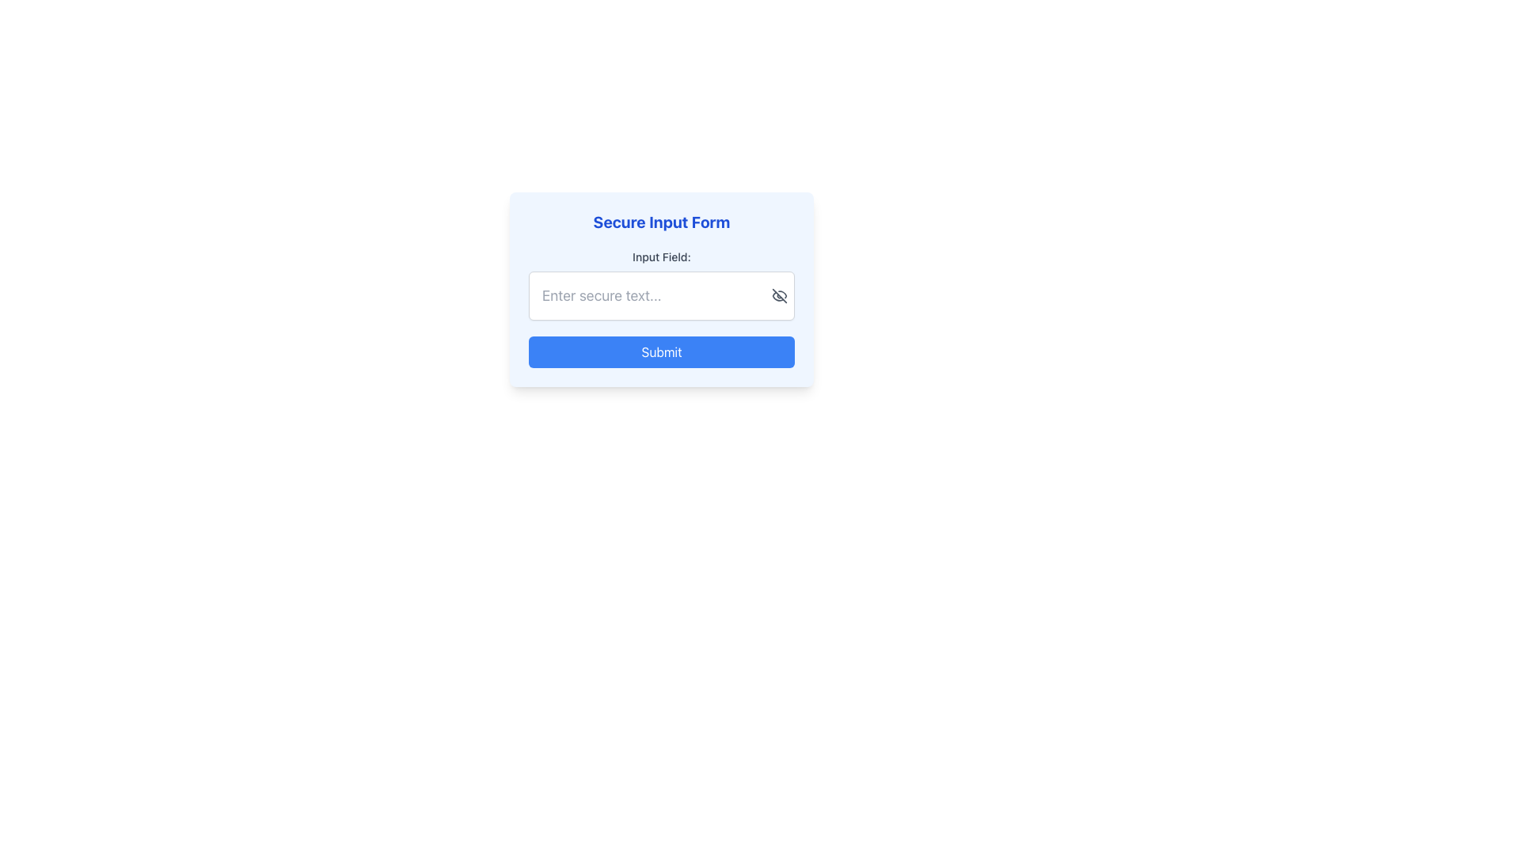 This screenshot has width=1520, height=855. What do you see at coordinates (661, 283) in the screenshot?
I see `inside the password input field labeled 'Input Field:' to focus and type a password` at bounding box center [661, 283].